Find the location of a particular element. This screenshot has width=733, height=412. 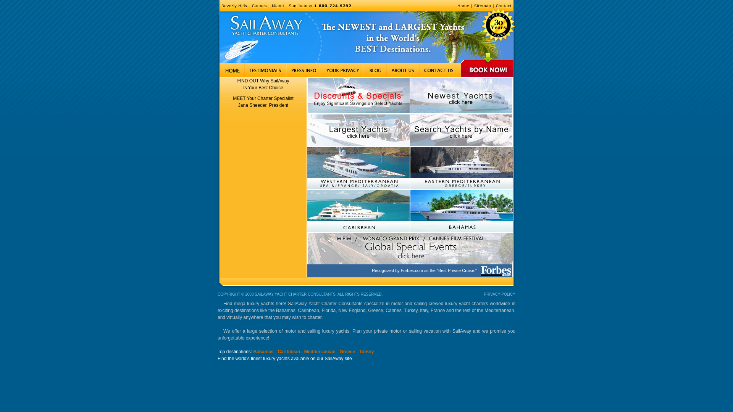

'FIND OUT Why SailAway is located at coordinates (263, 84).